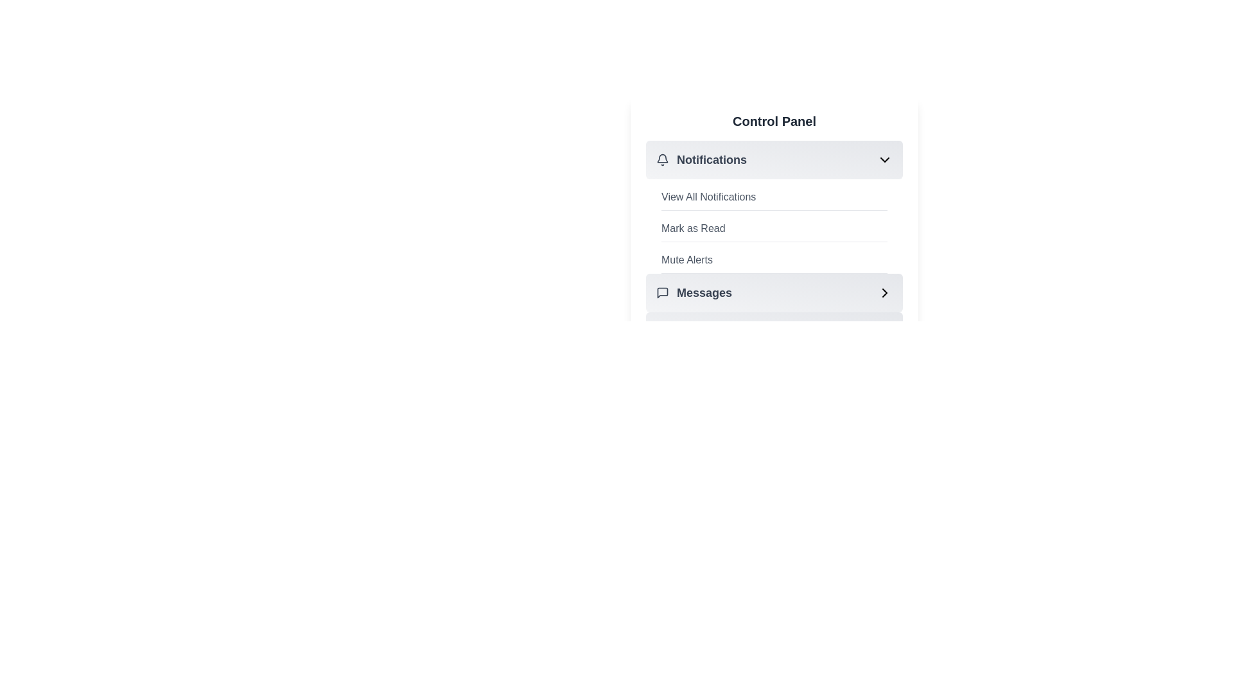  I want to click on the 'Mark as Read' button located under the 'Notifications' section, which is the second item in the list and features a light gray color scheme with a hover effect, so click(773, 228).